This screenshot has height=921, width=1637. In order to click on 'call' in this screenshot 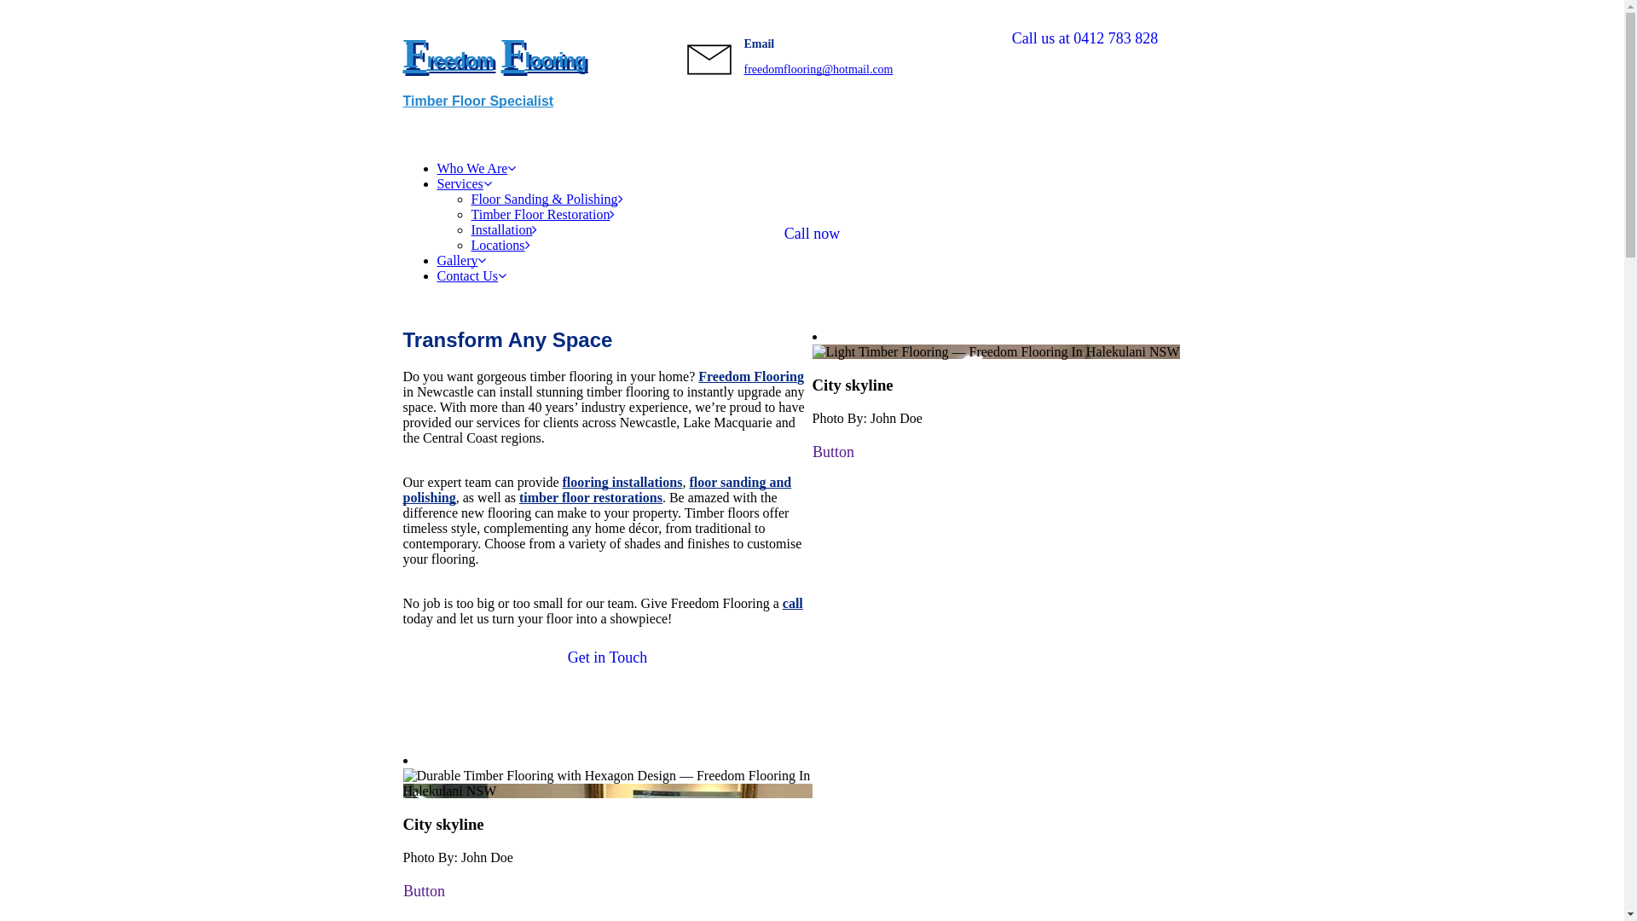, I will do `click(792, 602)`.